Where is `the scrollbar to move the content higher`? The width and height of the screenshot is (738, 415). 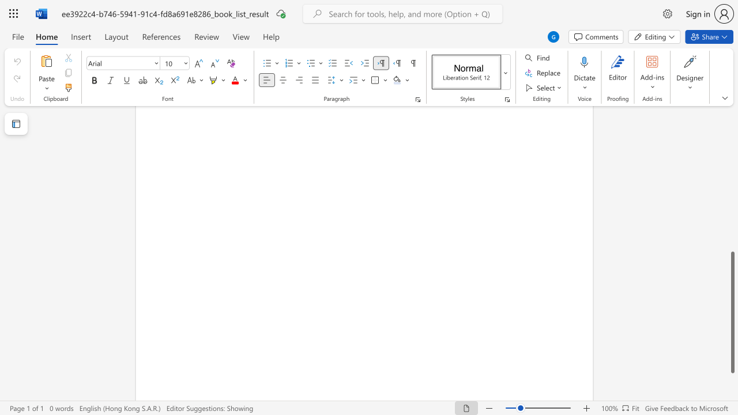
the scrollbar to move the content higher is located at coordinates (732, 225).